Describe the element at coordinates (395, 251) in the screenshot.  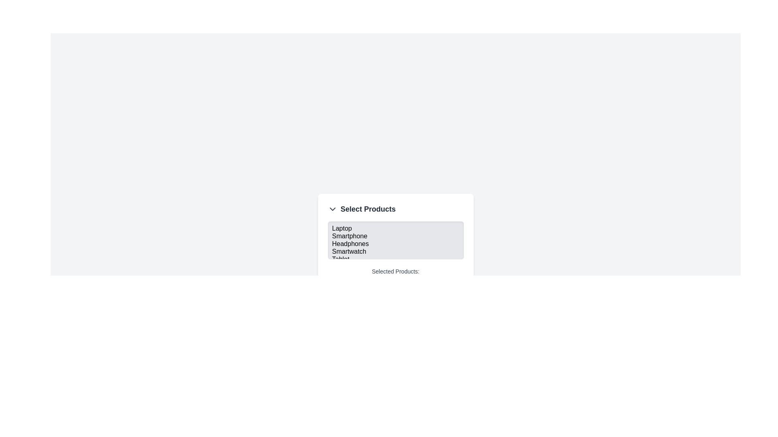
I see `the selectable list or dropdown menu containing product names` at that location.